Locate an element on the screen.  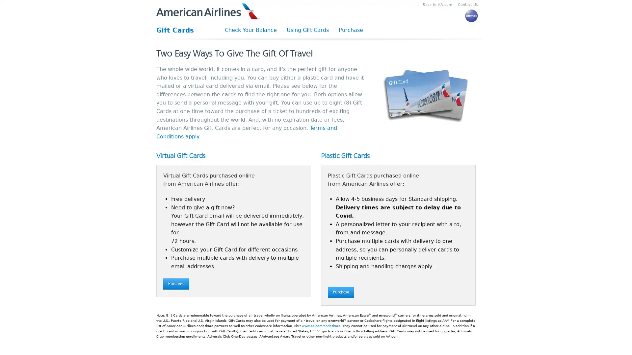
Purchase is located at coordinates (341, 292).